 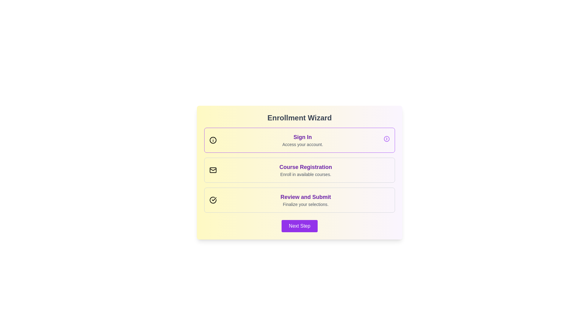 What do you see at coordinates (305, 197) in the screenshot?
I see `the static text element that serves as the heading for the review and submission step in the wizard` at bounding box center [305, 197].